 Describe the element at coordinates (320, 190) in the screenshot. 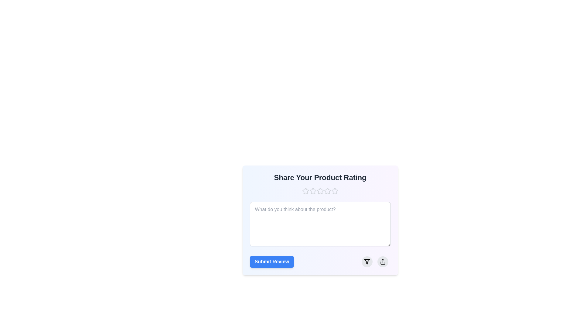

I see `the third star icon in the star rating component` at that location.